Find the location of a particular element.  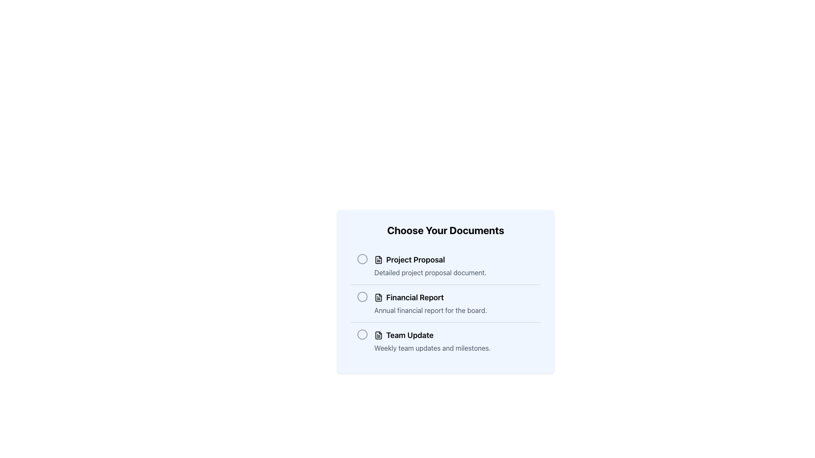

the 'Financial Report' label in the selectable list option is located at coordinates (445, 303).